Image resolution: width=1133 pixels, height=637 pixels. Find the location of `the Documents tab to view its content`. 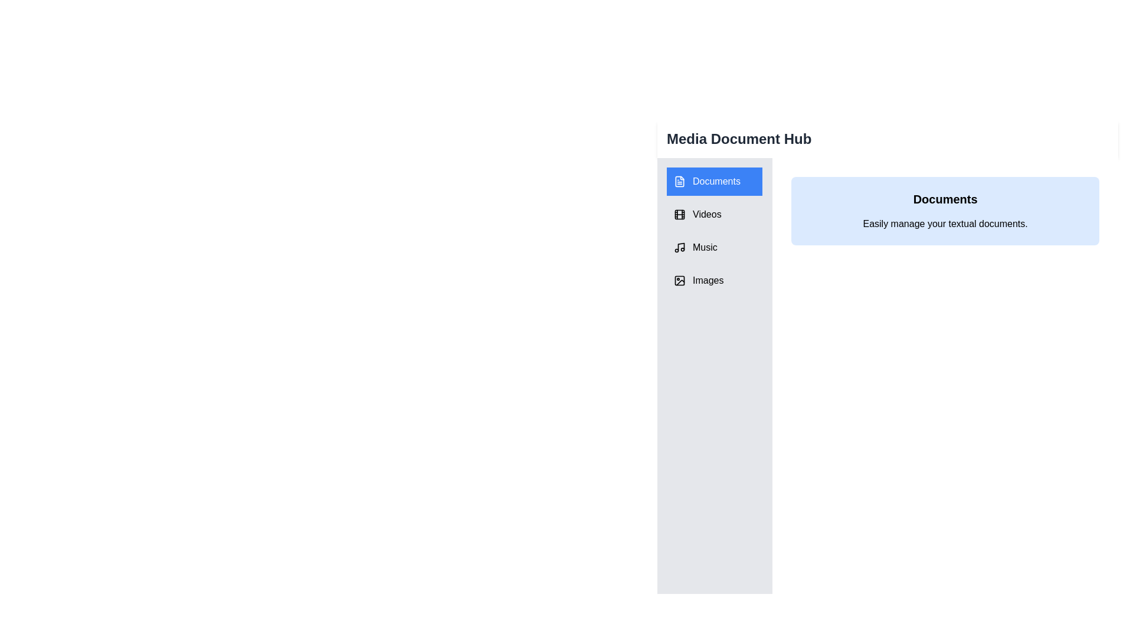

the Documents tab to view its content is located at coordinates (713, 182).